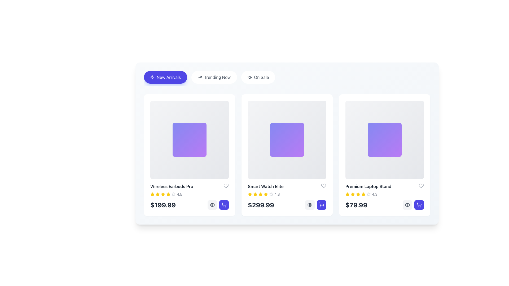 The width and height of the screenshot is (509, 286). I want to click on the 'Add to Cart' button located in the card for the 'Premium Laptop Stand', positioned below the price and rating information on the far right of the row, so click(321, 205).